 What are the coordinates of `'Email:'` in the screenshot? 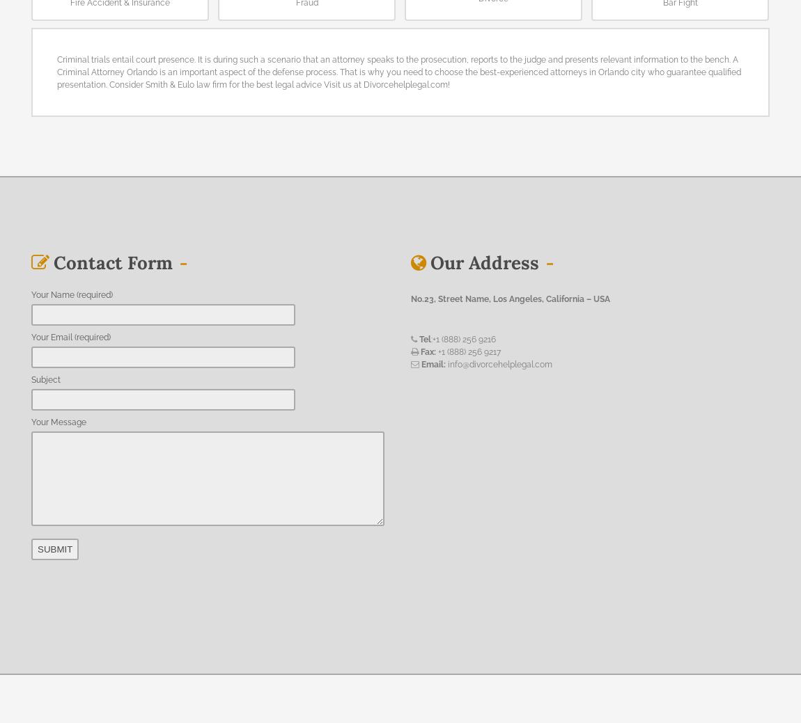 It's located at (433, 364).